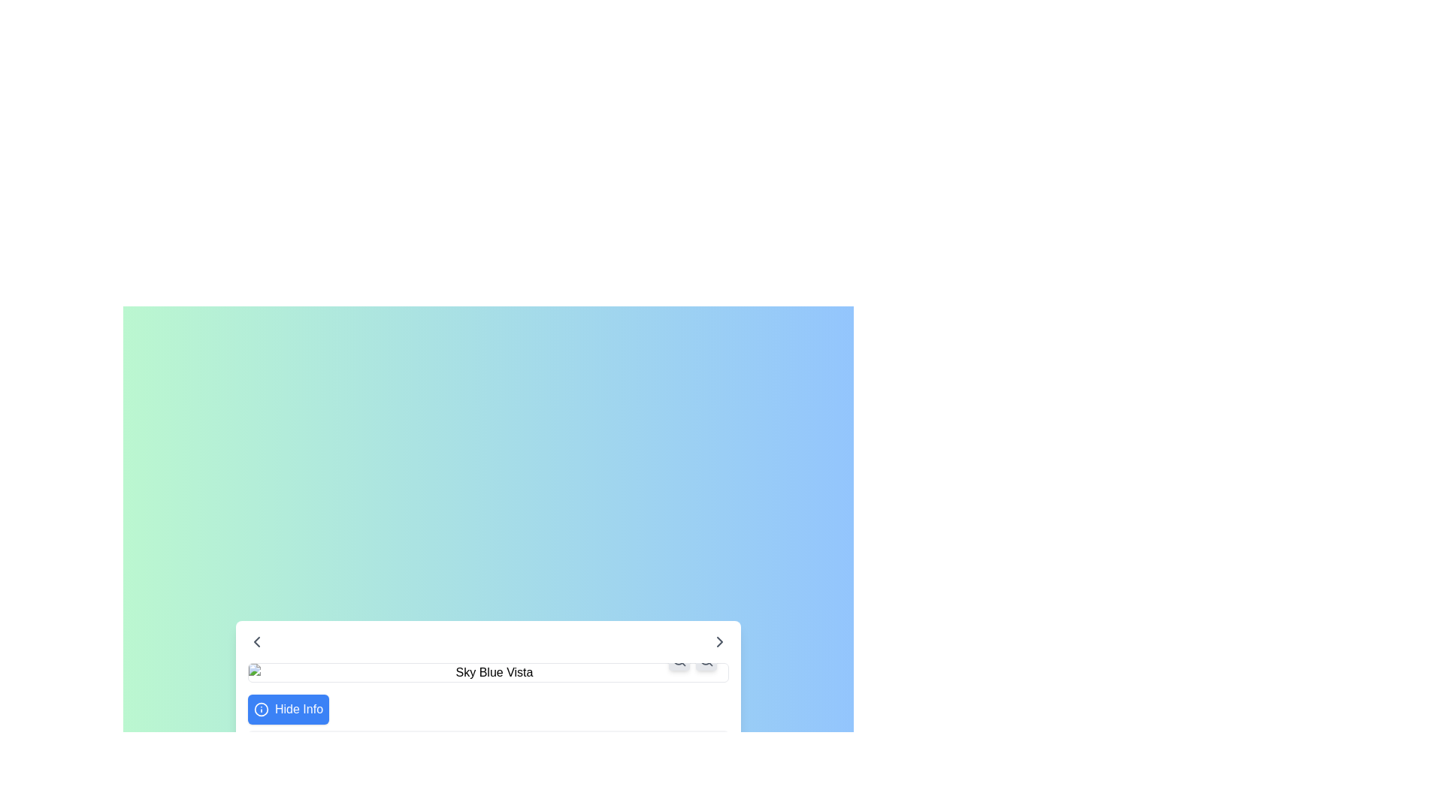  I want to click on the 'Hide Info' text label, which is displayed in white font on a blue background and has a button-like appearance, so click(299, 710).